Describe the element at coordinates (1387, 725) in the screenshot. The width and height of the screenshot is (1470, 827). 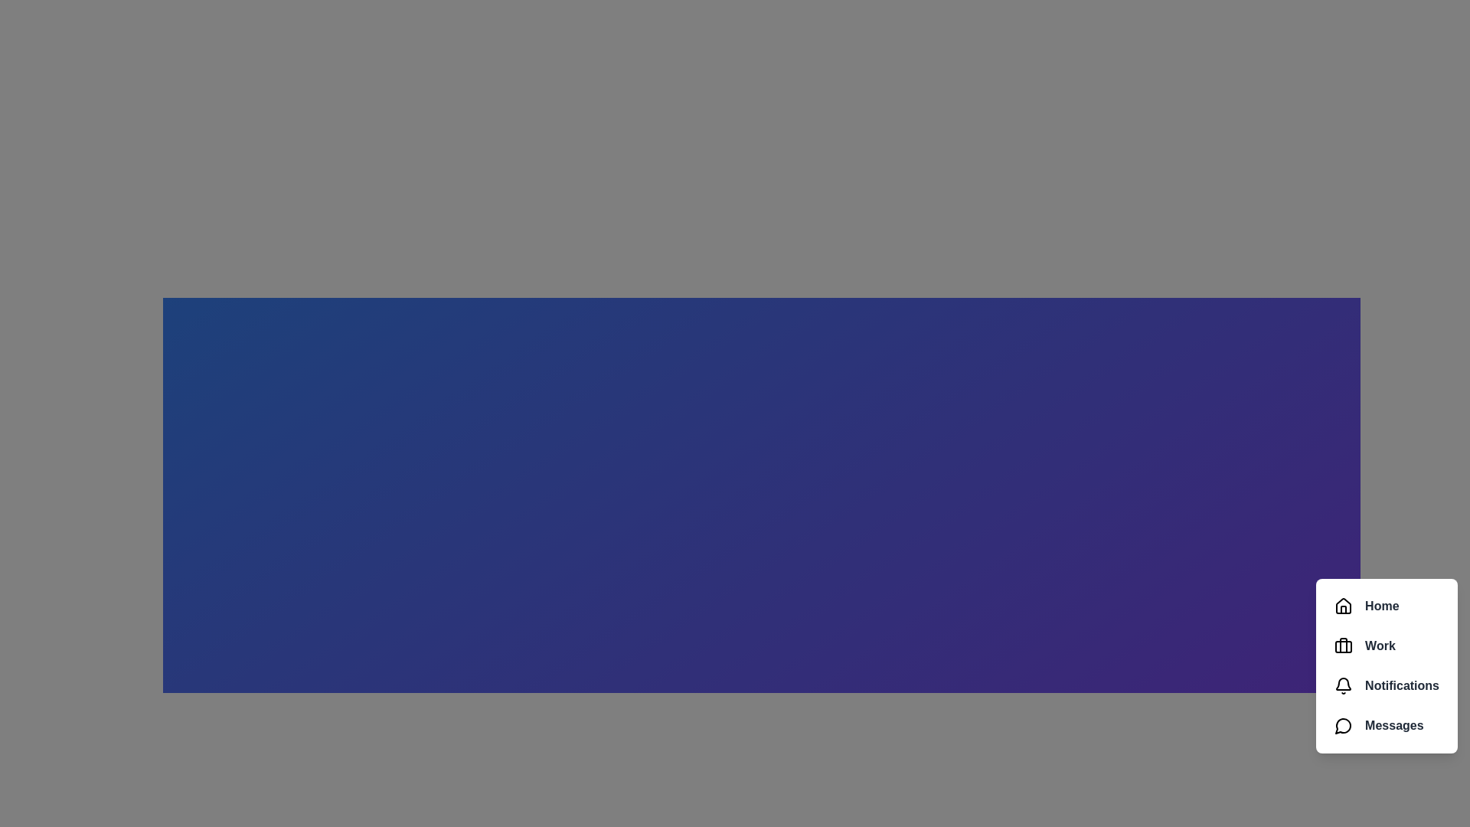
I see `the Messages in the speed dial menu` at that location.